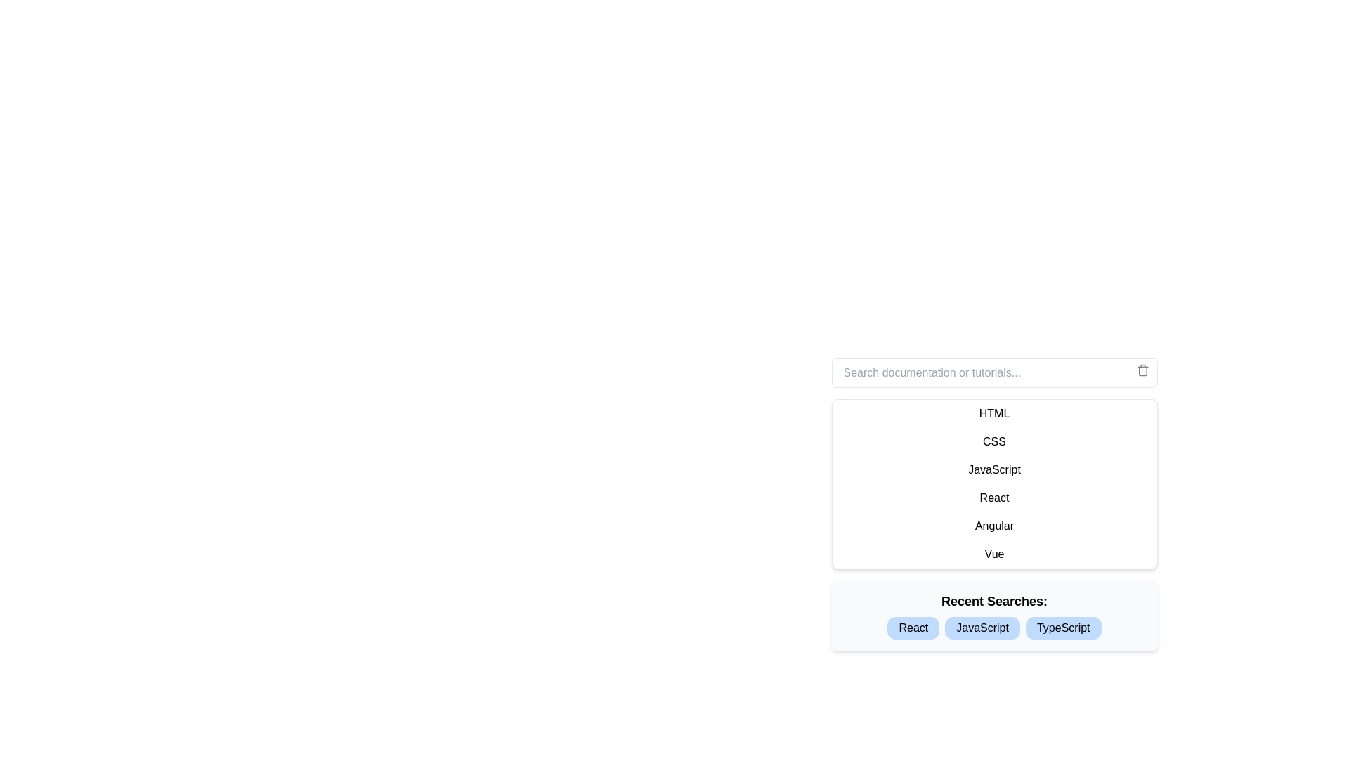 This screenshot has width=1349, height=759. What do you see at coordinates (993, 372) in the screenshot?
I see `the Text Input Field with placeholder text 'Search documentation or tutorials...'` at bounding box center [993, 372].